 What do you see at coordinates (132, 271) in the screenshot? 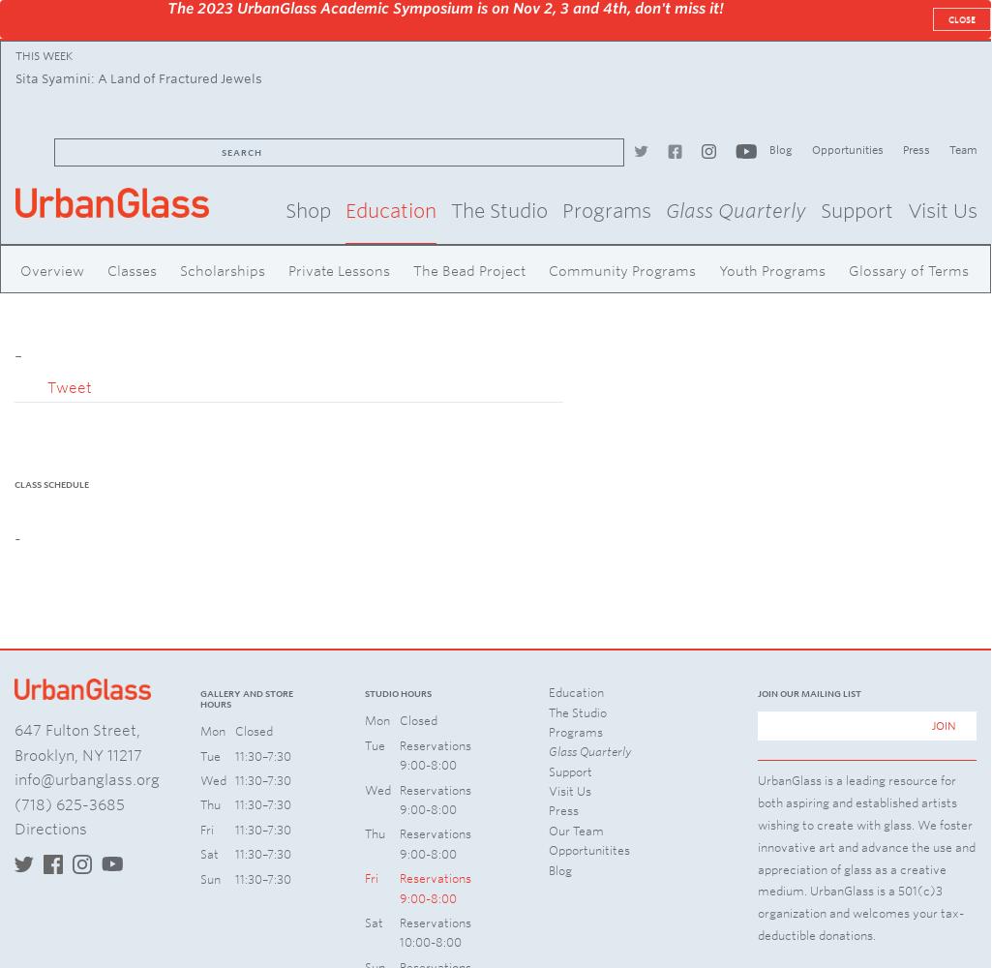
I see `'Classes'` at bounding box center [132, 271].